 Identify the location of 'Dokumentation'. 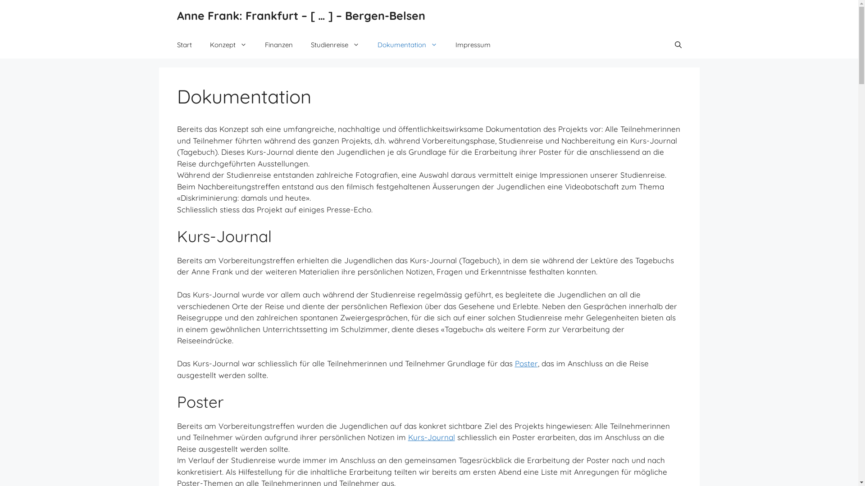
(407, 45).